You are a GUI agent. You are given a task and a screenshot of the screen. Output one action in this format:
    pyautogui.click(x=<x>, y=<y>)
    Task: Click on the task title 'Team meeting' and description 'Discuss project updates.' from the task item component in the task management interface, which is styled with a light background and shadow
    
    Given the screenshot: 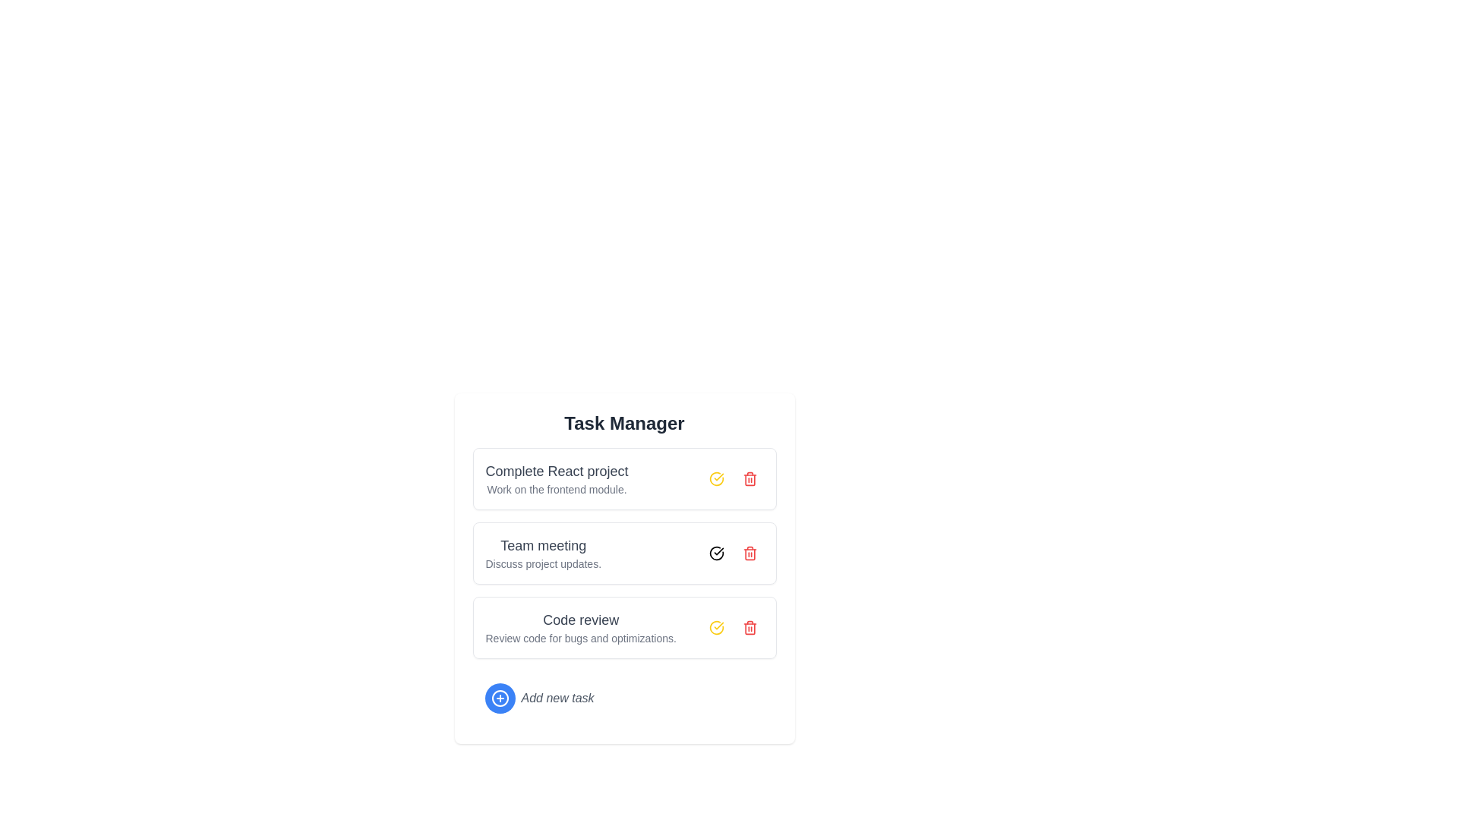 What is the action you would take?
    pyautogui.click(x=624, y=553)
    